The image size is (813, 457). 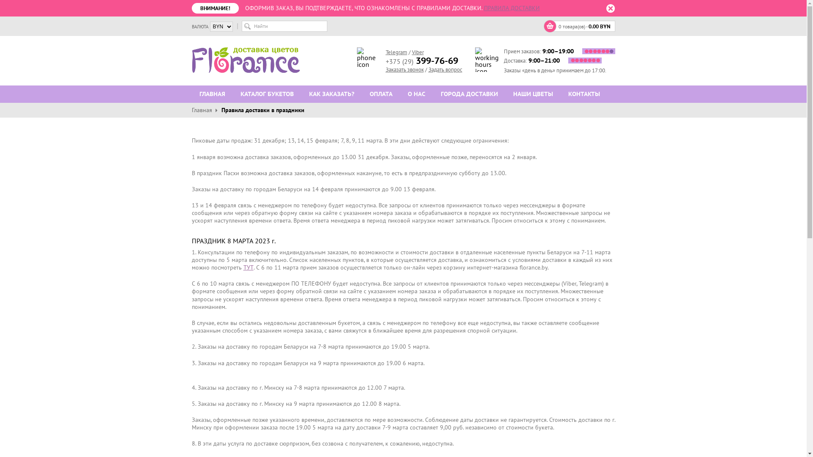 What do you see at coordinates (417, 52) in the screenshot?
I see `'Viber'` at bounding box center [417, 52].